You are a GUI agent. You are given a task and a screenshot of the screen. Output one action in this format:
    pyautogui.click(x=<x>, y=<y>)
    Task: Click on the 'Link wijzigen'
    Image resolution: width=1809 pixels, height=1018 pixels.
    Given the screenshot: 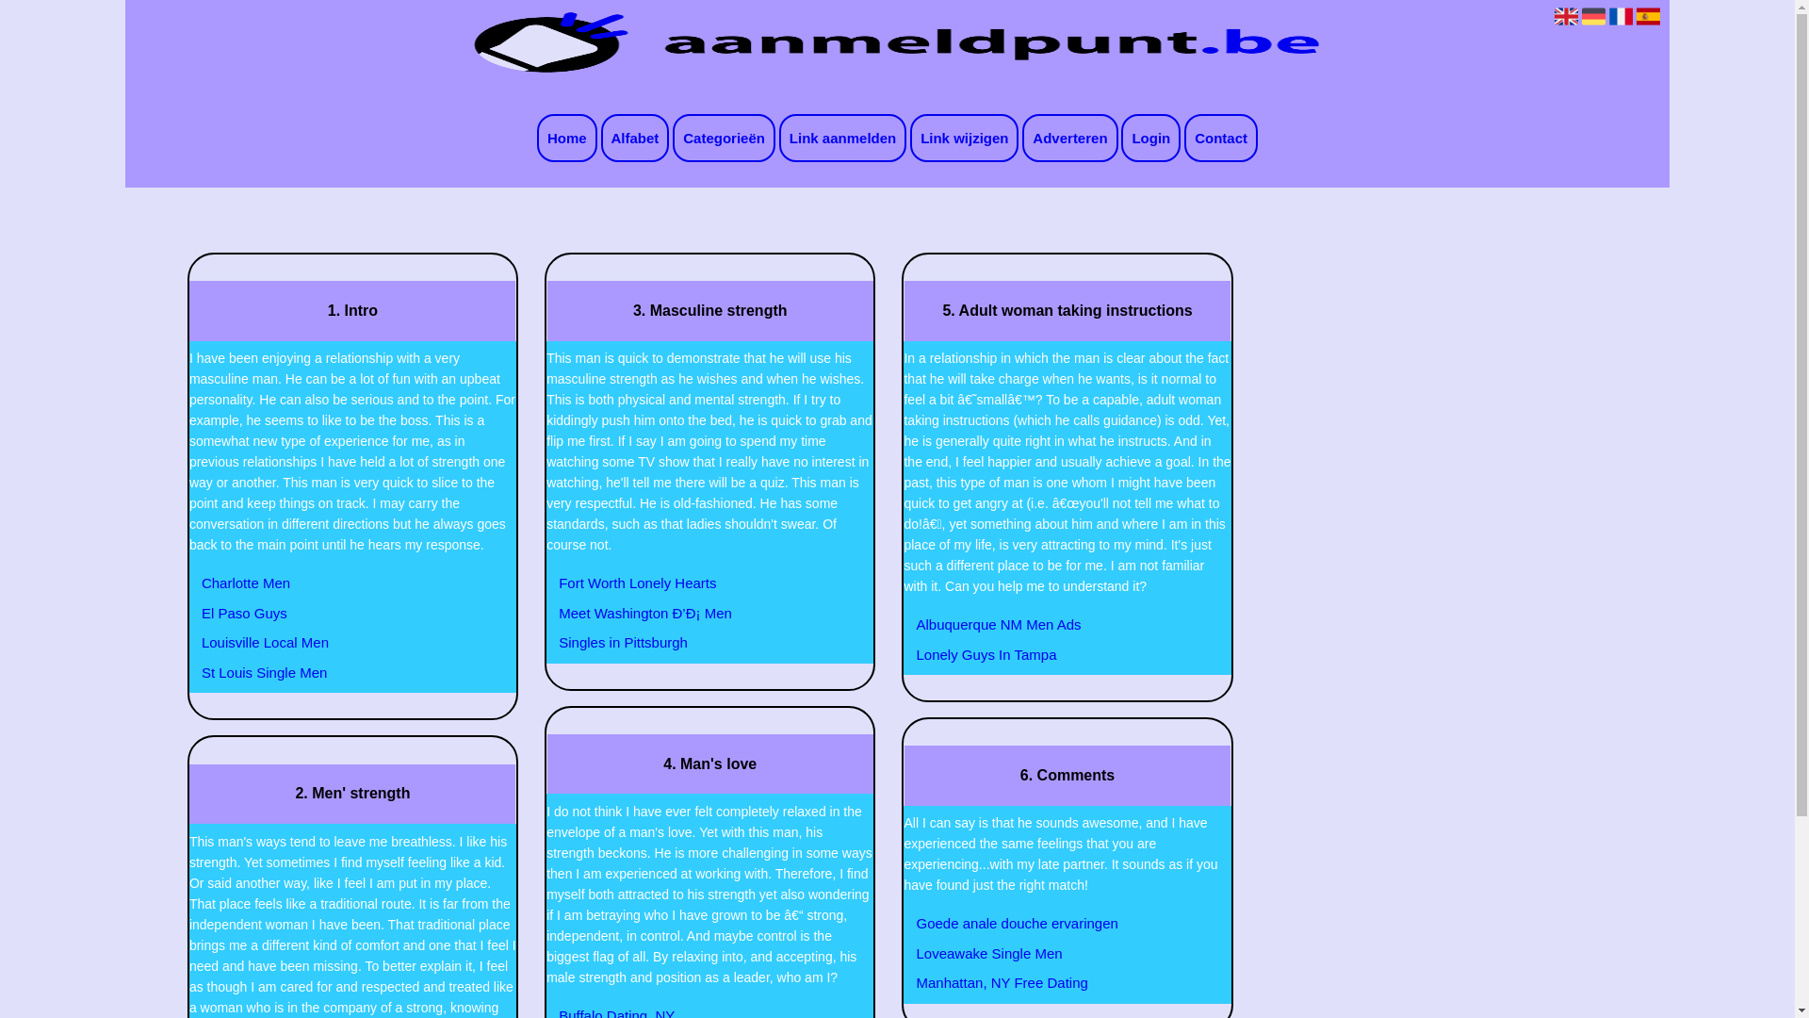 What is the action you would take?
    pyautogui.click(x=964, y=137)
    